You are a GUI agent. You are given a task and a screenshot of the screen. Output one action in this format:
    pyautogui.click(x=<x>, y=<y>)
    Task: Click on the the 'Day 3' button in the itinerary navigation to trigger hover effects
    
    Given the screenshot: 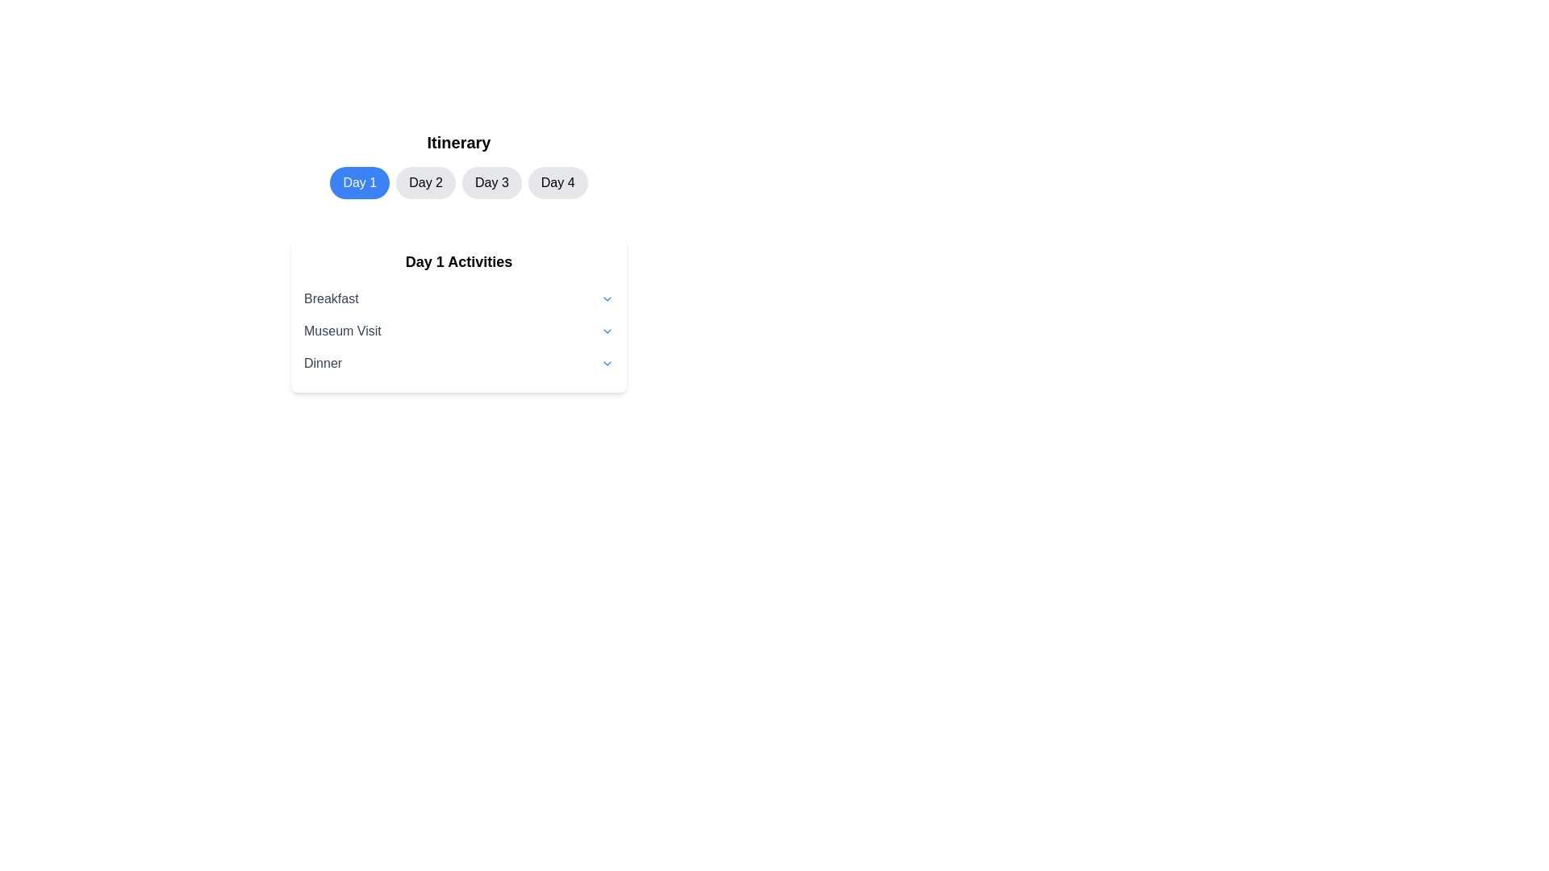 What is the action you would take?
    pyautogui.click(x=491, y=182)
    